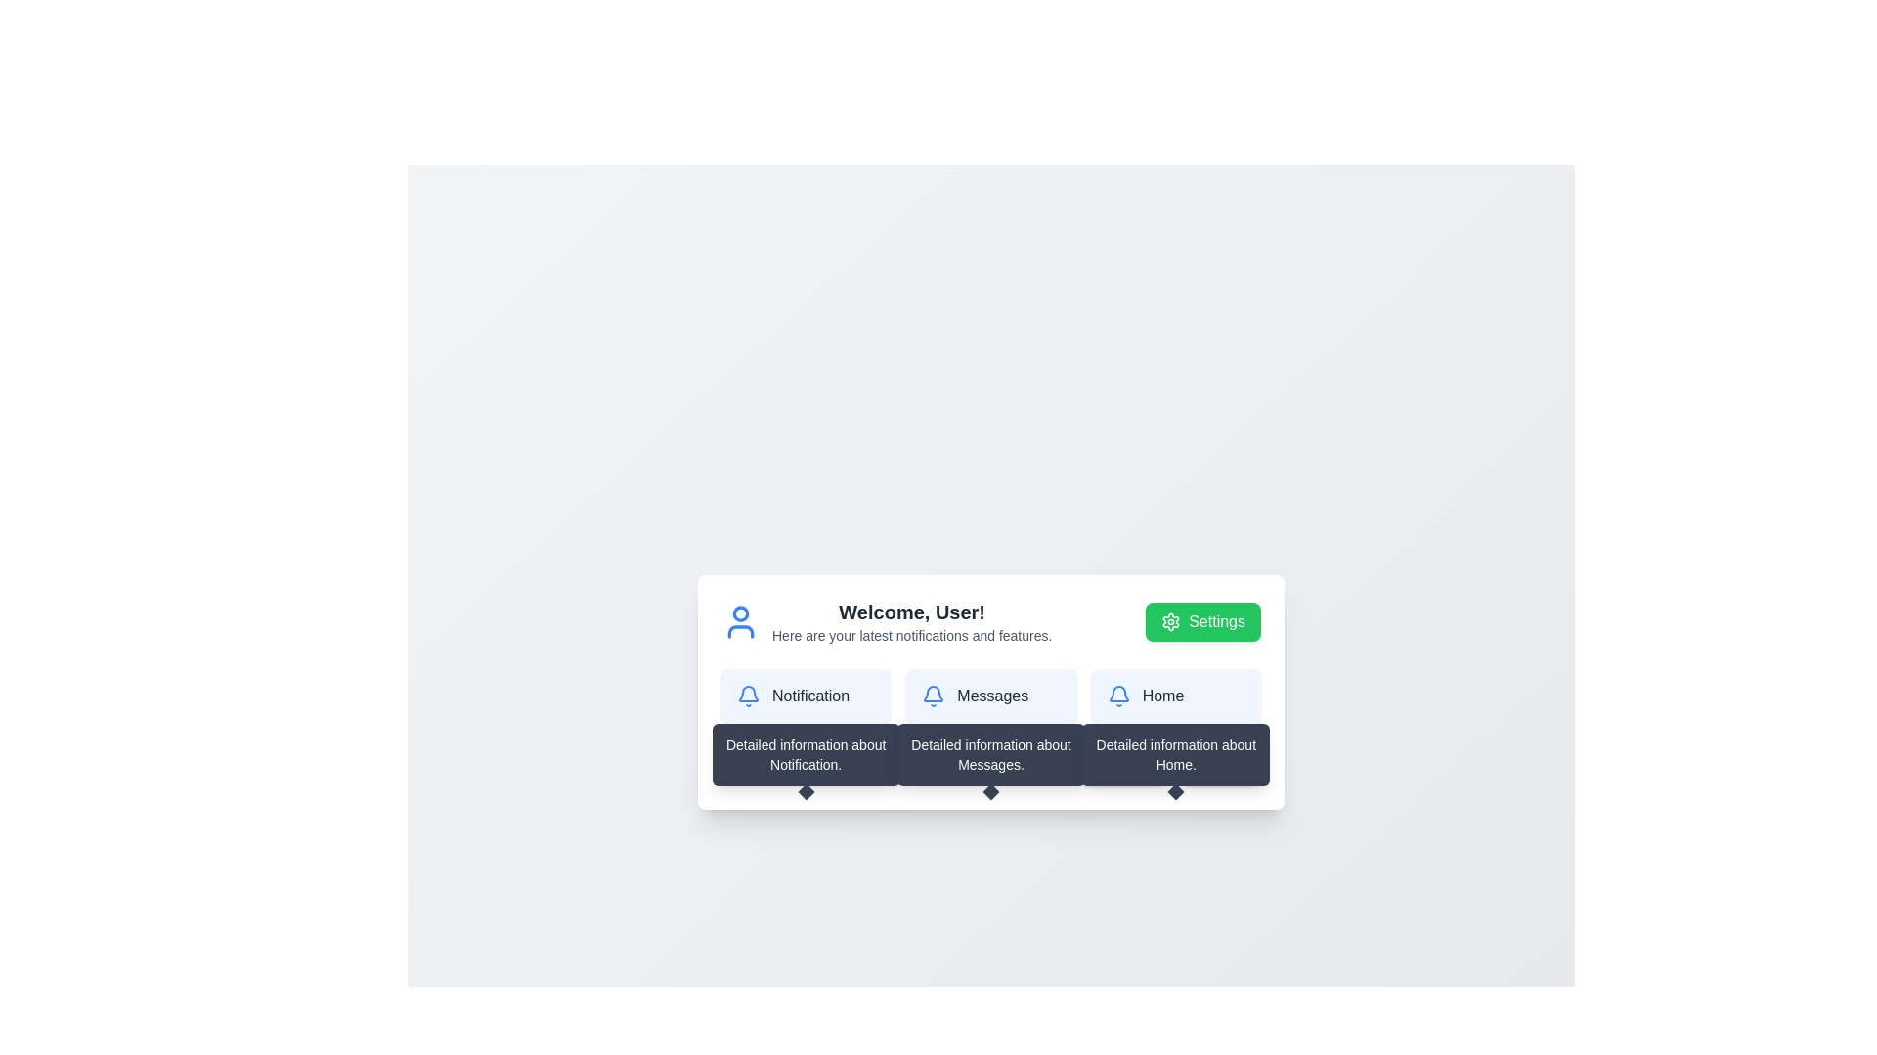 The image size is (1877, 1055). Describe the element at coordinates (1175, 696) in the screenshot. I see `the 'Home' button located in the third column of the grid layout, positioned below the 'Welcome, User!' heading` at that location.